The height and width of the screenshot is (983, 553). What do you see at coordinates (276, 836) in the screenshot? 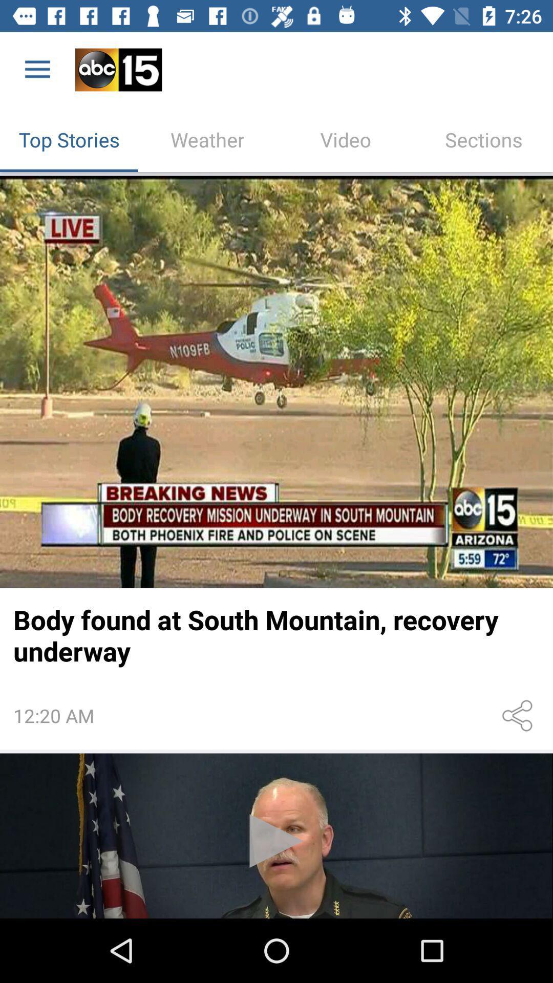
I see `video` at bounding box center [276, 836].